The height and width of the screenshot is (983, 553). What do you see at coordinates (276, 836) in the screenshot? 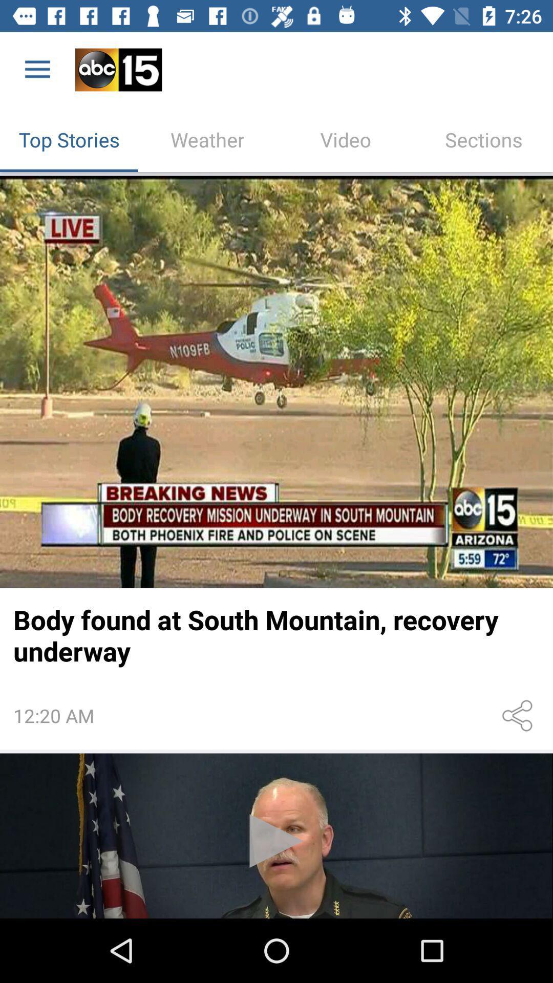
I see `video` at bounding box center [276, 836].